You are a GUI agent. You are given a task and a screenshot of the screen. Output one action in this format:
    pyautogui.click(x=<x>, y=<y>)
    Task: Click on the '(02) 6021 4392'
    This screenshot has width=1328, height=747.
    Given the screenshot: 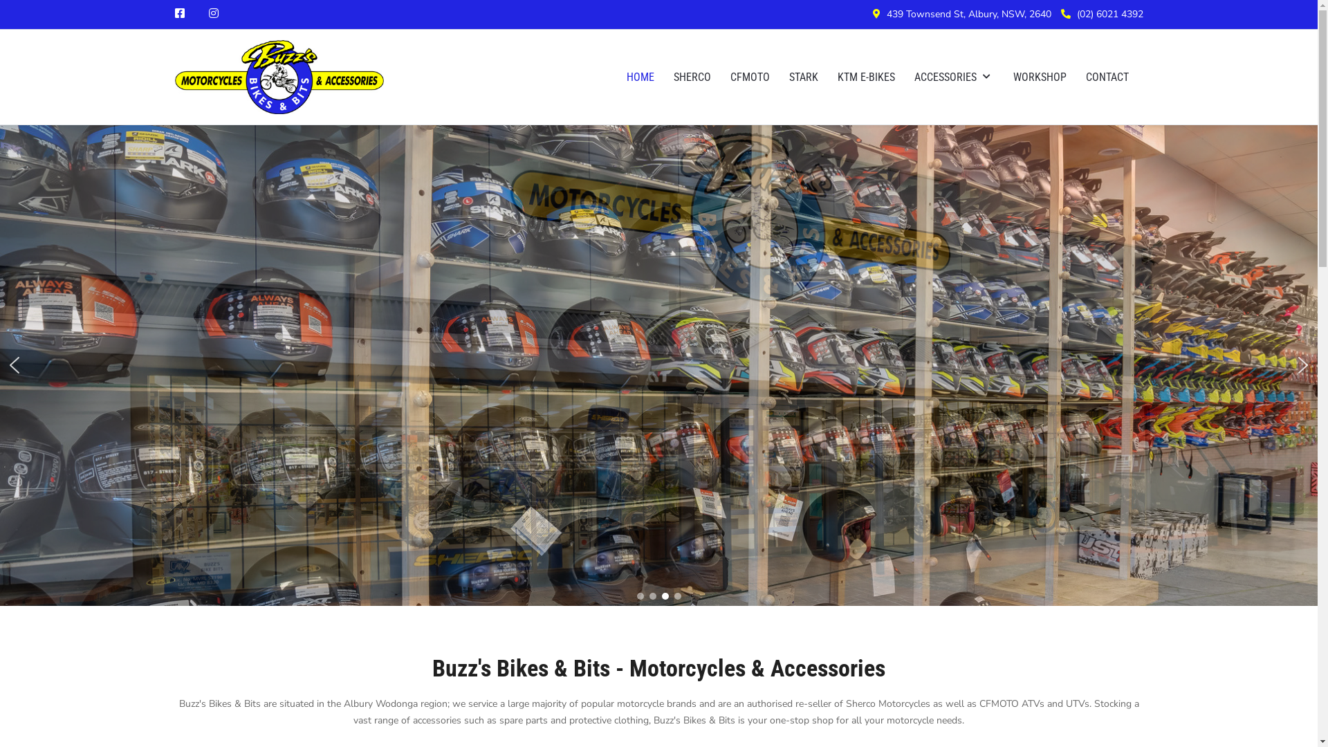 What is the action you would take?
    pyautogui.click(x=1109, y=14)
    